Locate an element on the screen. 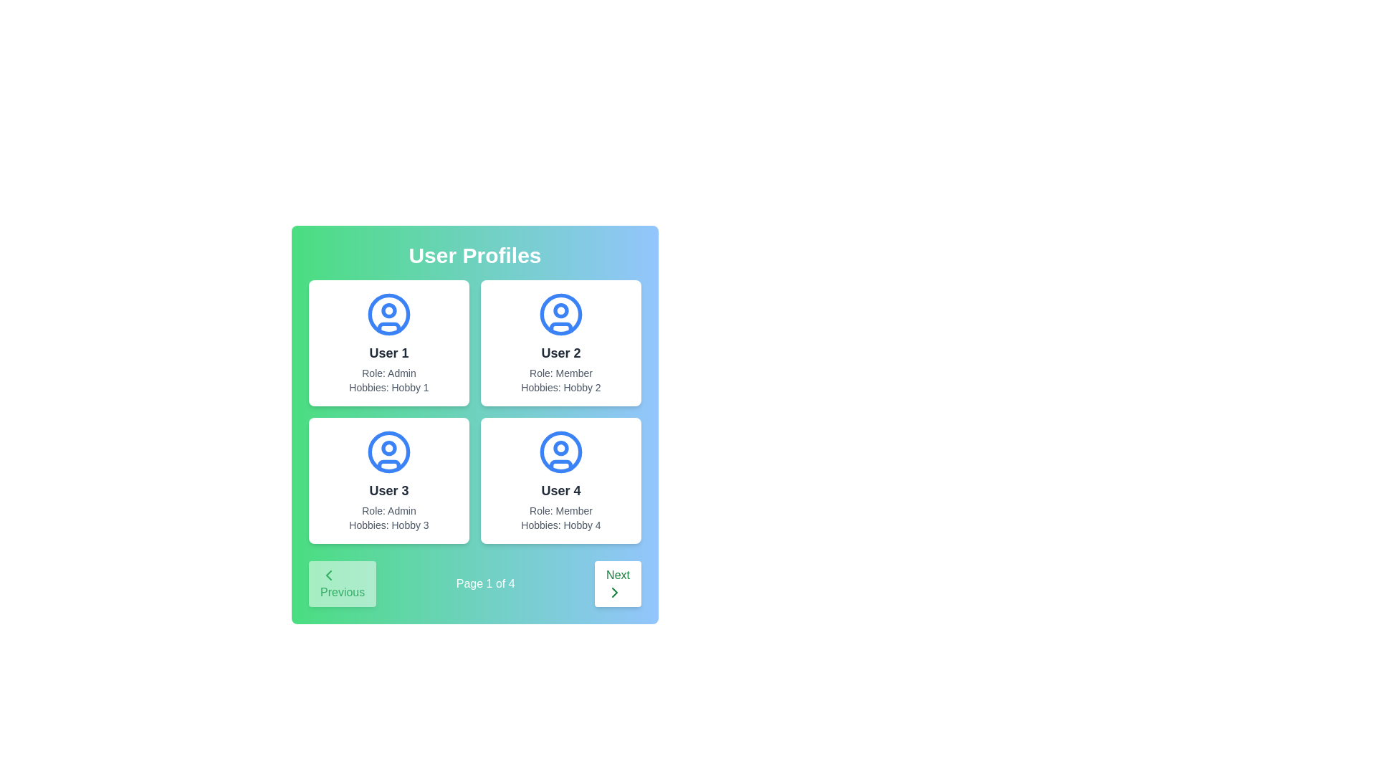  the user avatar icon representing 'User 3', which is located at the top of their profile card in the grid layout is located at coordinates (388, 452).